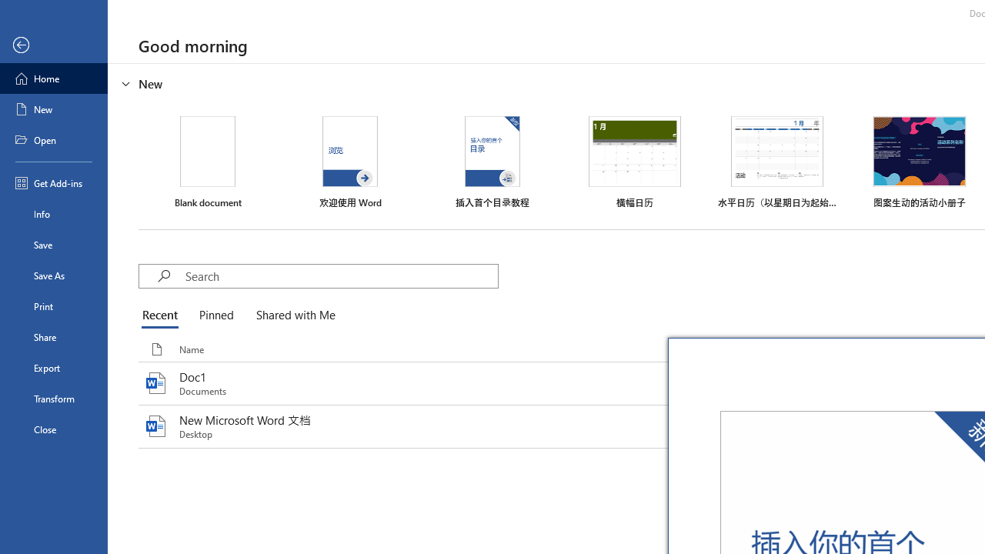 This screenshot has height=554, width=985. I want to click on 'Back', so click(53, 45).